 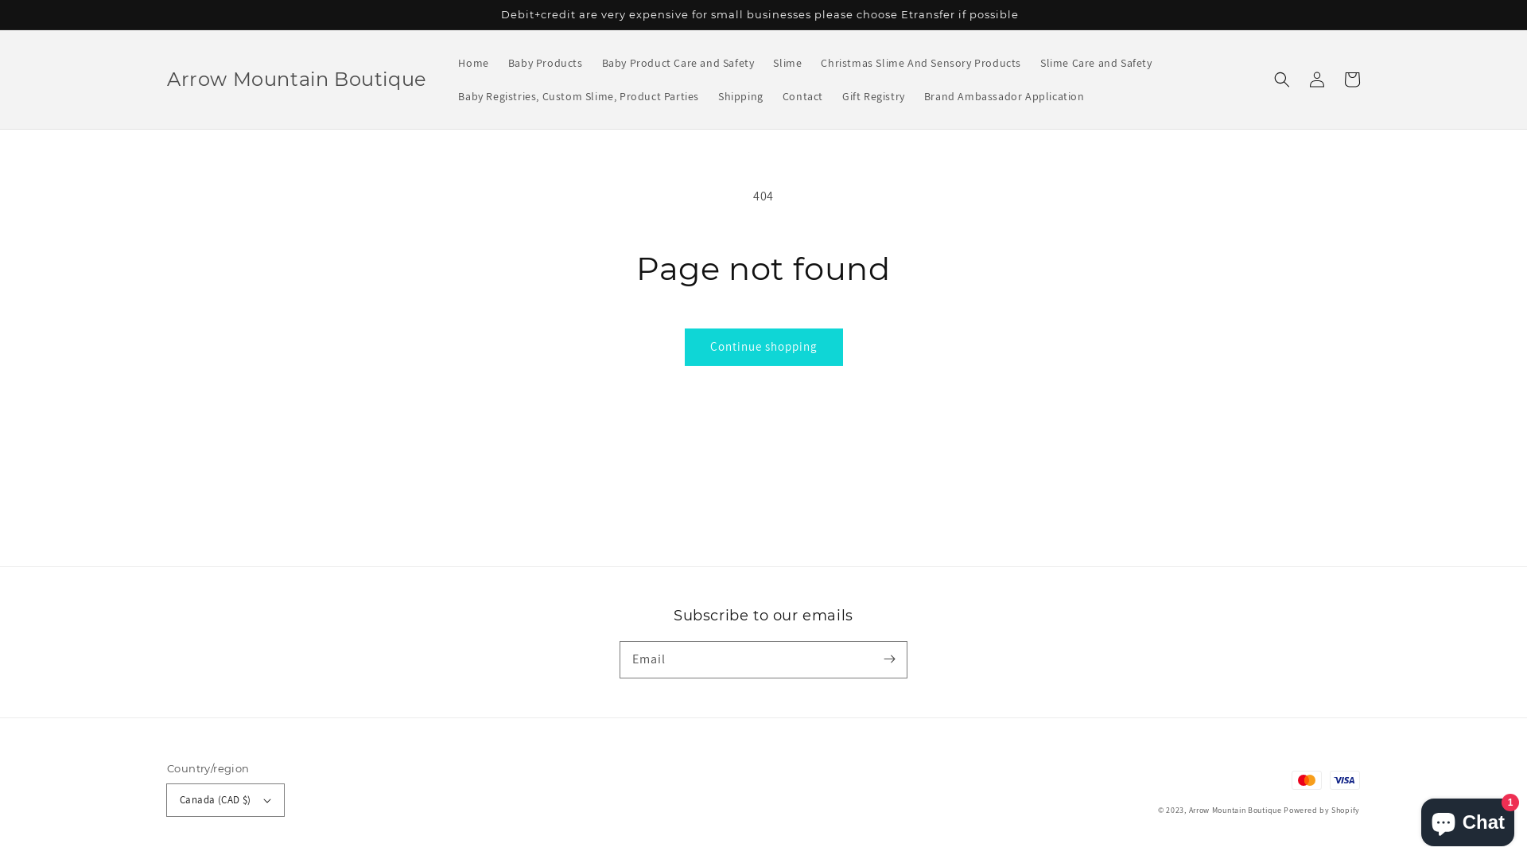 What do you see at coordinates (872, 95) in the screenshot?
I see `'Gift Registry'` at bounding box center [872, 95].